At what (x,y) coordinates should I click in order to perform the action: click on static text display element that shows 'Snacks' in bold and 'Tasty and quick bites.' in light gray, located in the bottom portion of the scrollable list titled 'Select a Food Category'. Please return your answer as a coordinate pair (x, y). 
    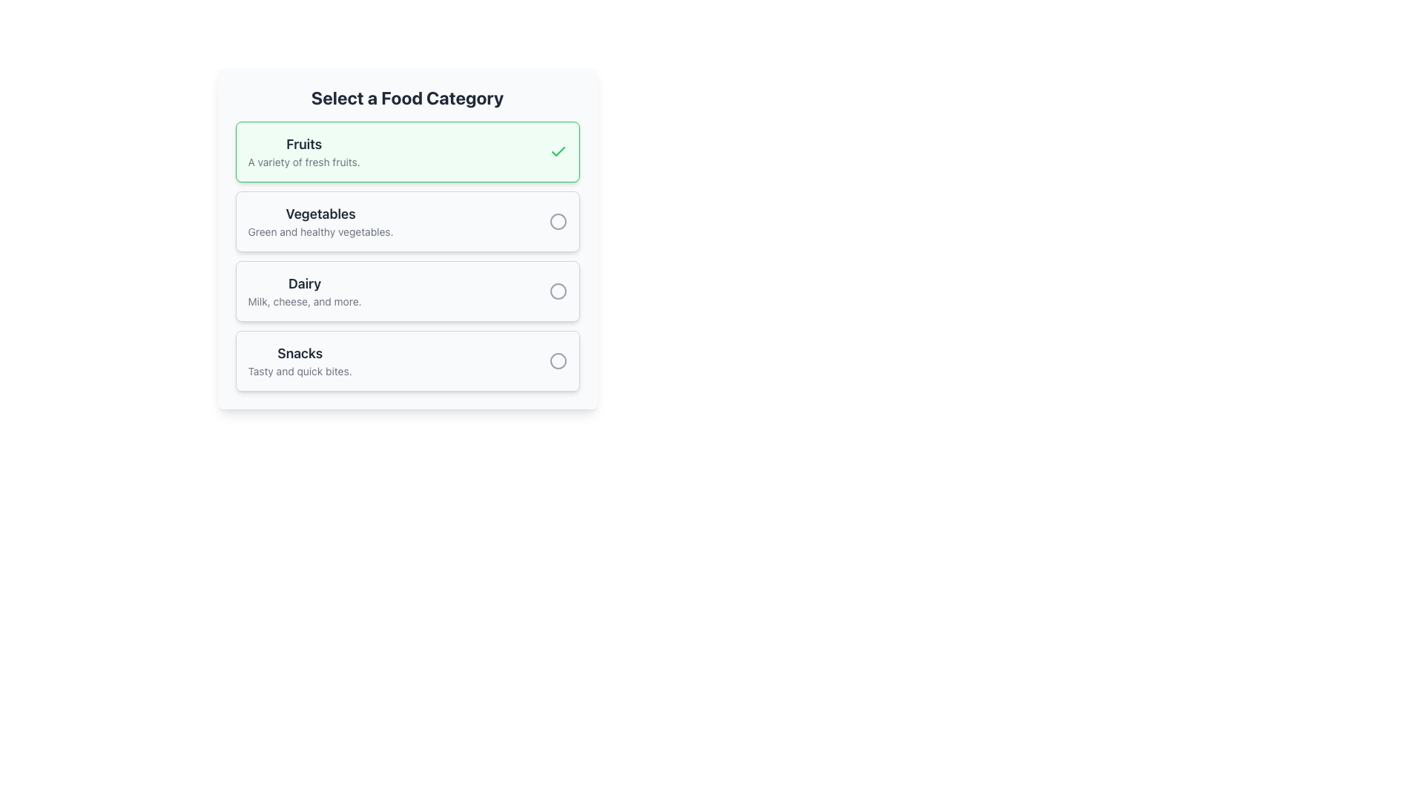
    Looking at the image, I should click on (299, 360).